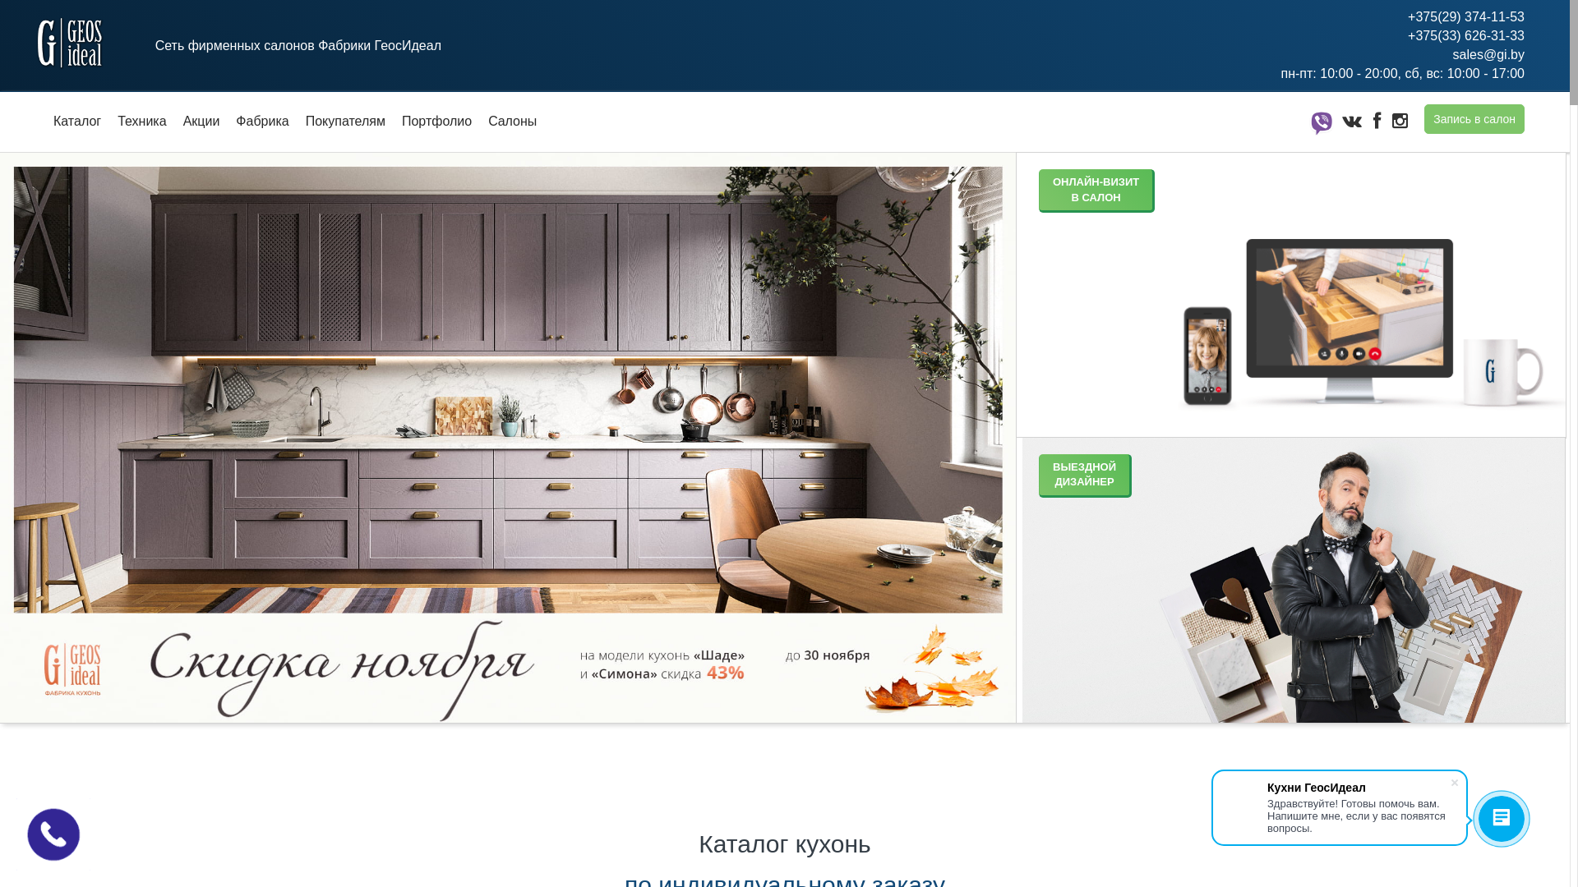  Describe the element at coordinates (1402, 36) in the screenshot. I see `'+375(33) 626-31-33'` at that location.